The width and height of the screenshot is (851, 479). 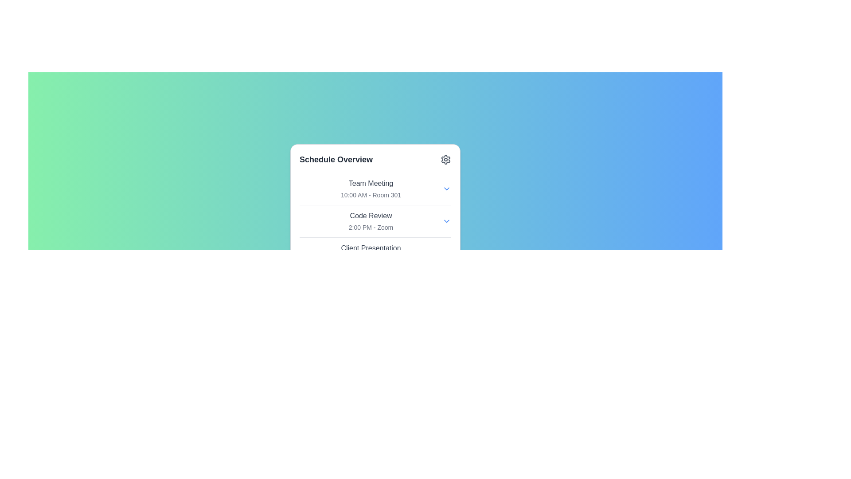 I want to click on the topmost list item representing the scheduled meeting, so click(x=375, y=188).